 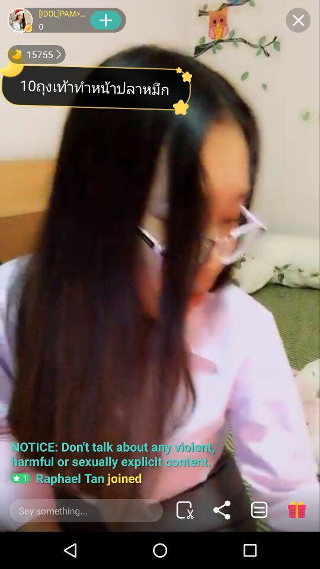 I want to click on the menu icon, so click(x=258, y=509).